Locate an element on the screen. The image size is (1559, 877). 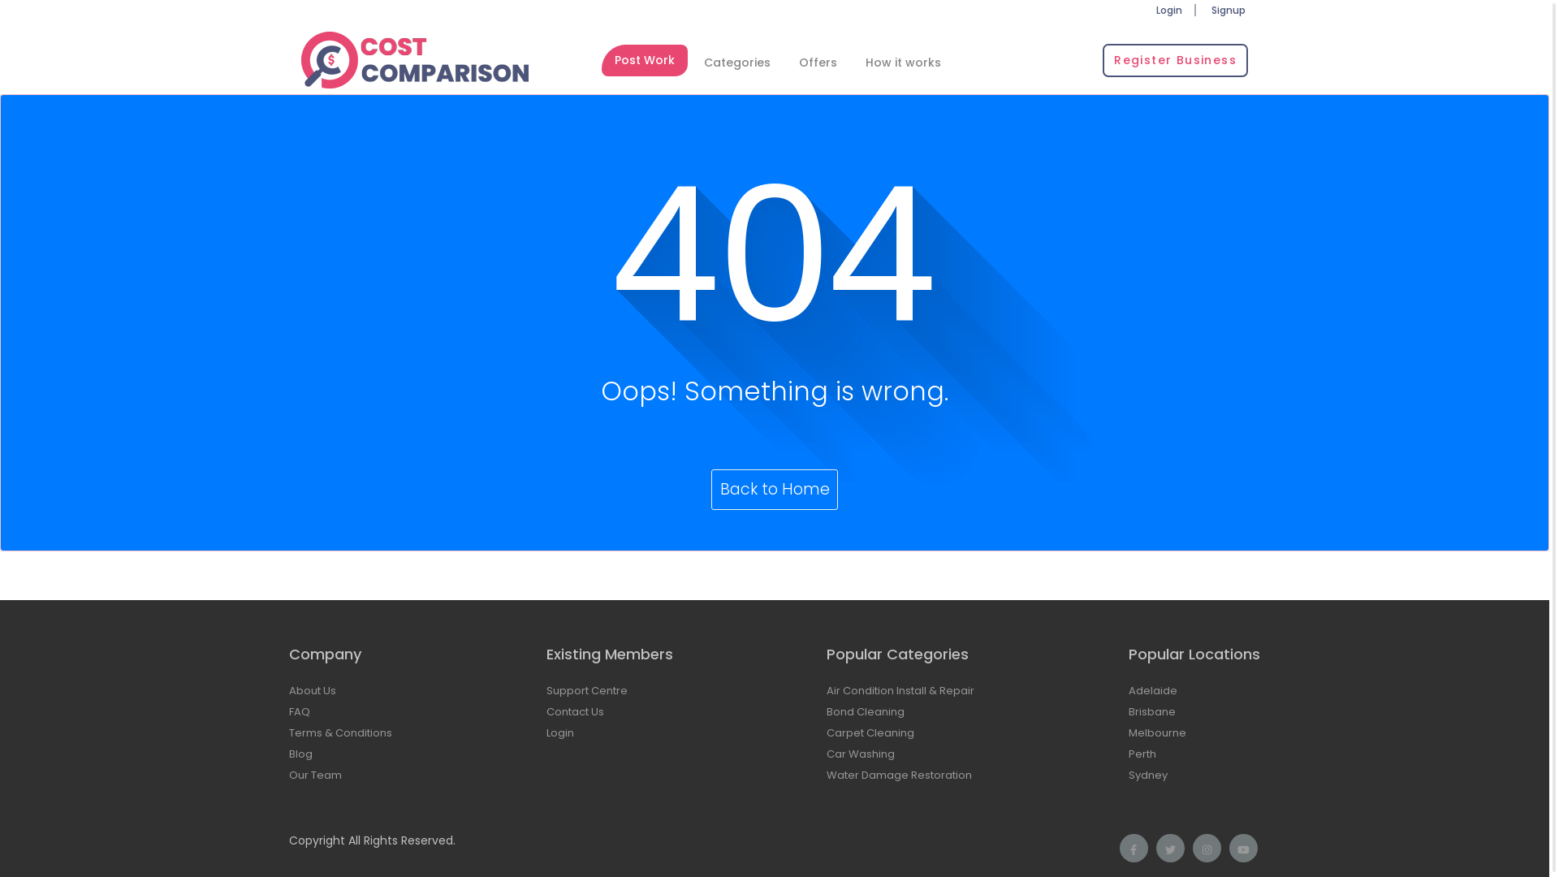
'Offers' is located at coordinates (818, 61).